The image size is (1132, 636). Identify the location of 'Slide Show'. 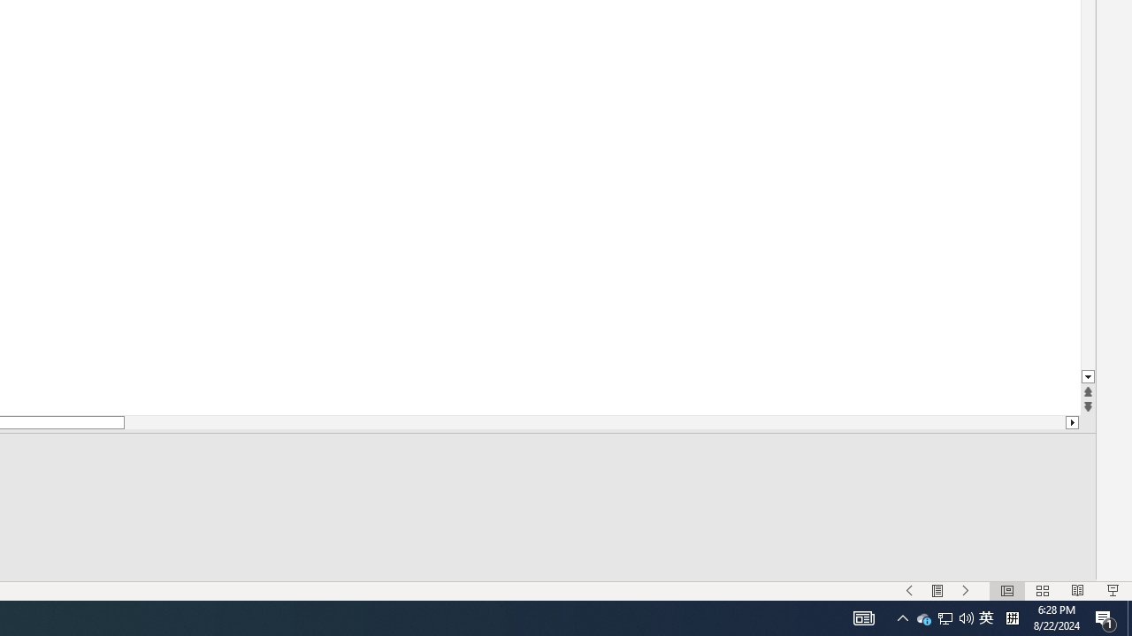
(1112, 591).